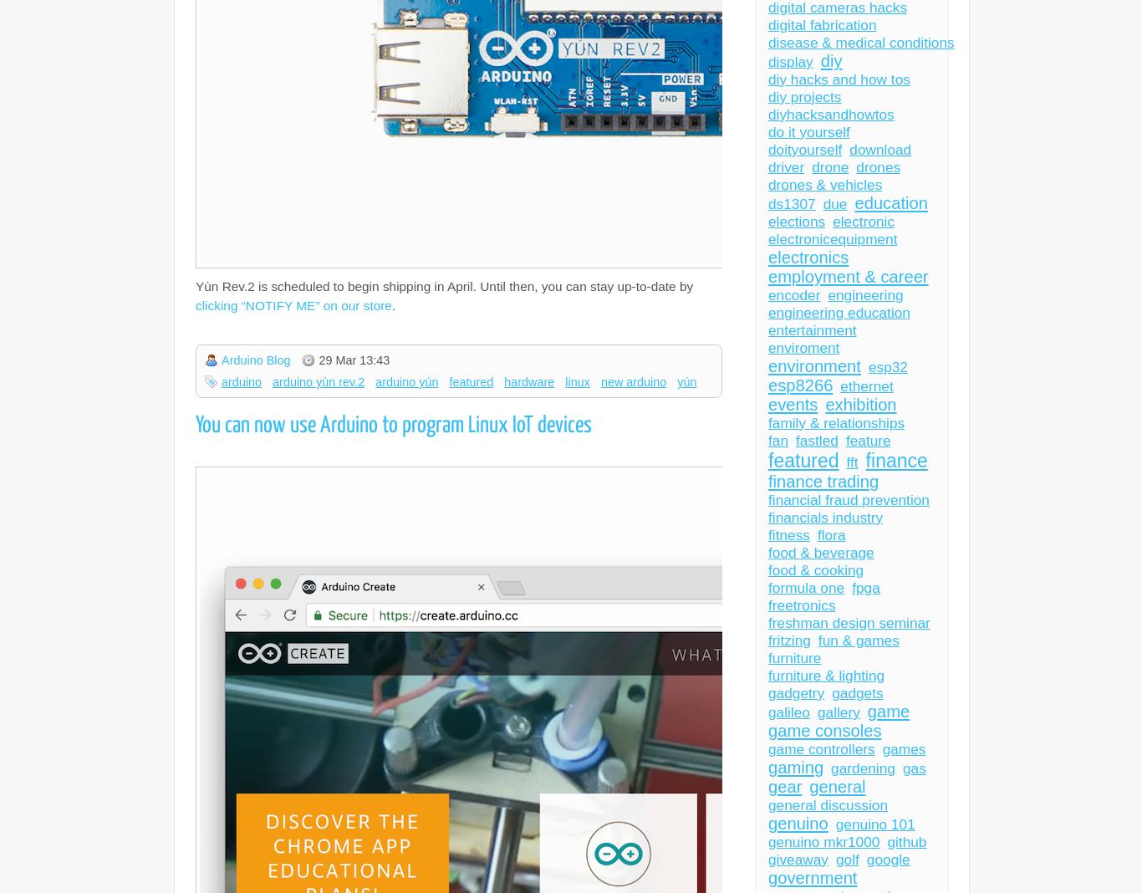  Describe the element at coordinates (786, 167) in the screenshot. I see `'driver'` at that location.